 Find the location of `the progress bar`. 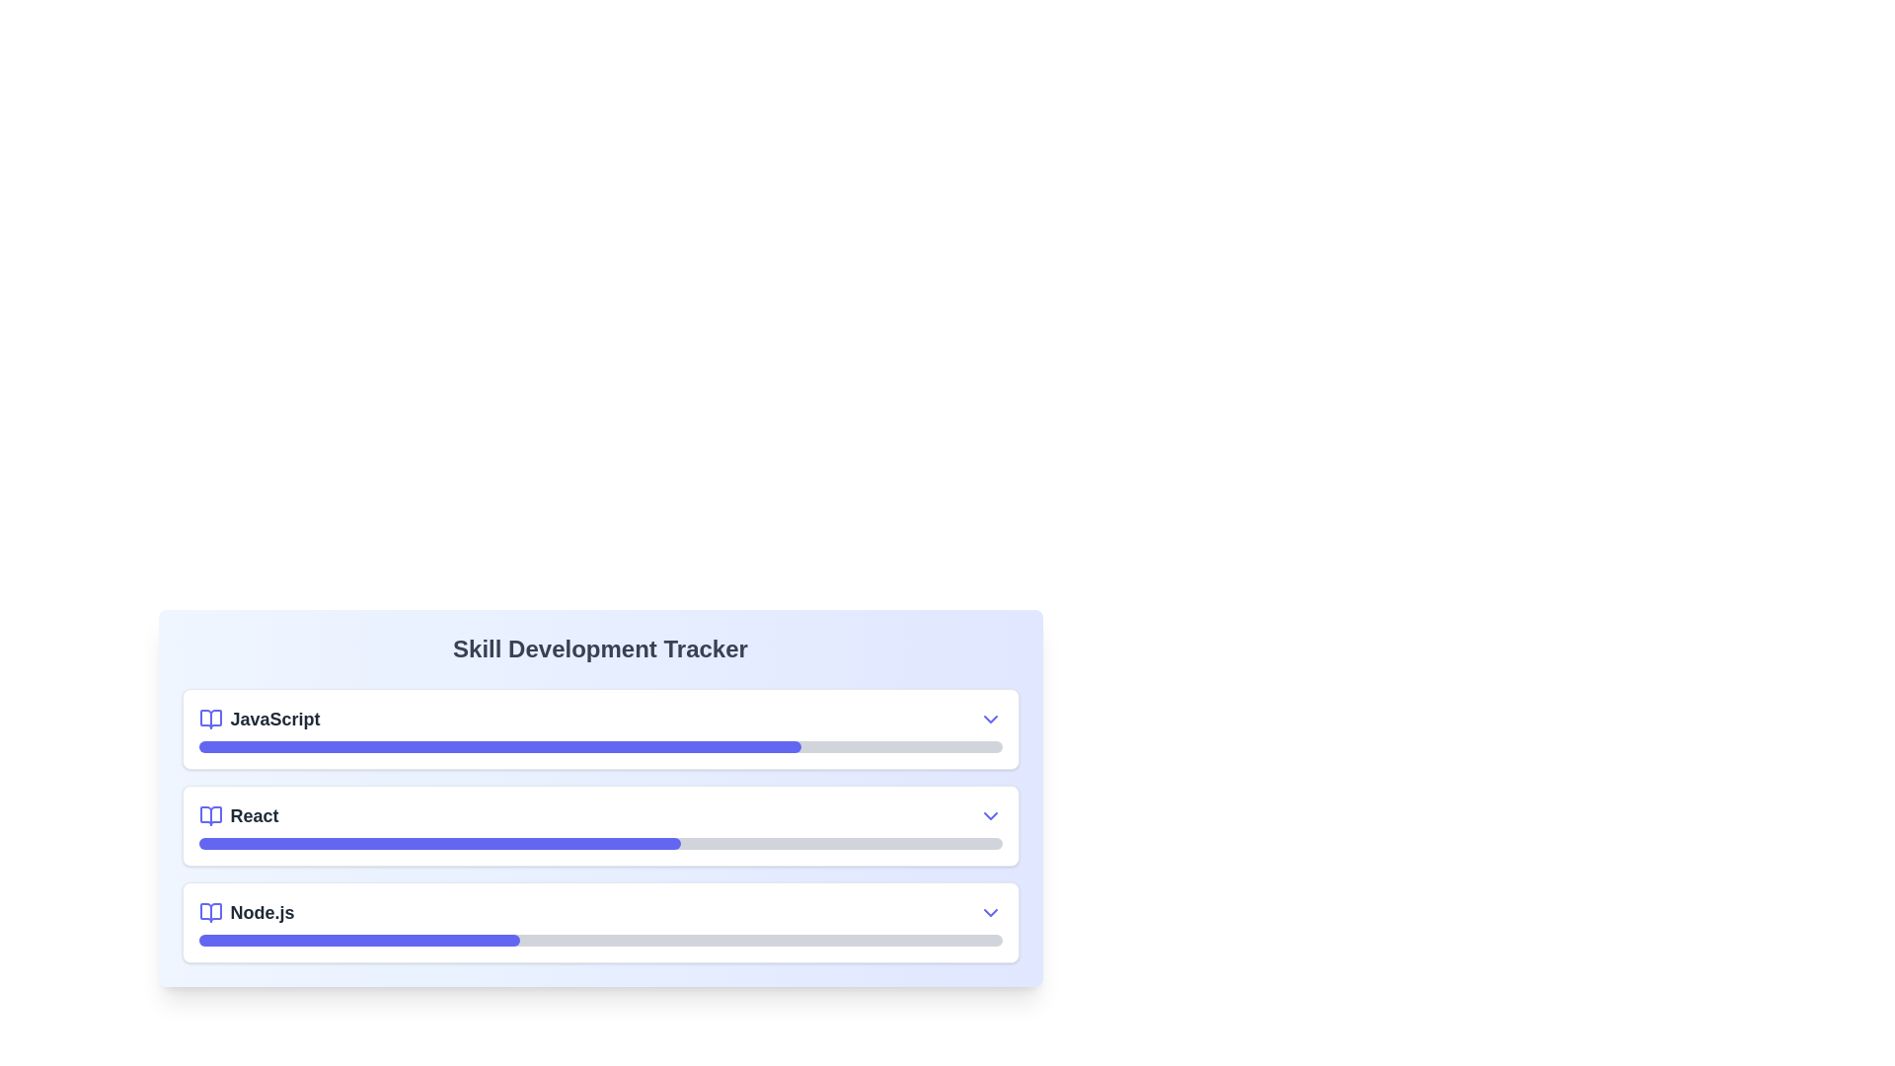

the progress bar is located at coordinates (953, 939).